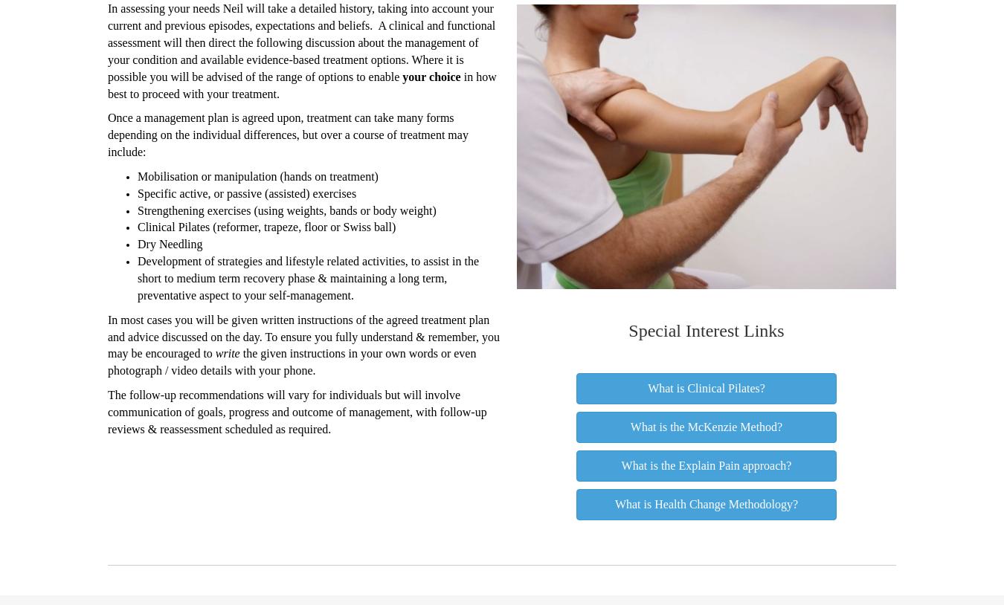 The image size is (1004, 605). What do you see at coordinates (286, 210) in the screenshot?
I see `'Strengthening exercises (using weights, bands or body weight)'` at bounding box center [286, 210].